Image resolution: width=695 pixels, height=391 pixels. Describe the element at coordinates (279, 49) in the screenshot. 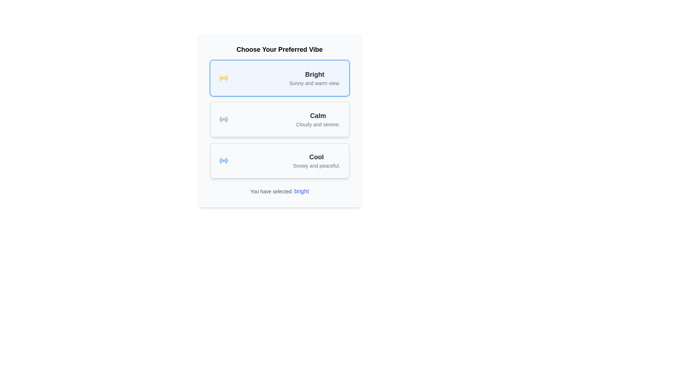

I see `the Header text, which serves as the title or heading for the section, indicating the selection theme for the user` at that location.